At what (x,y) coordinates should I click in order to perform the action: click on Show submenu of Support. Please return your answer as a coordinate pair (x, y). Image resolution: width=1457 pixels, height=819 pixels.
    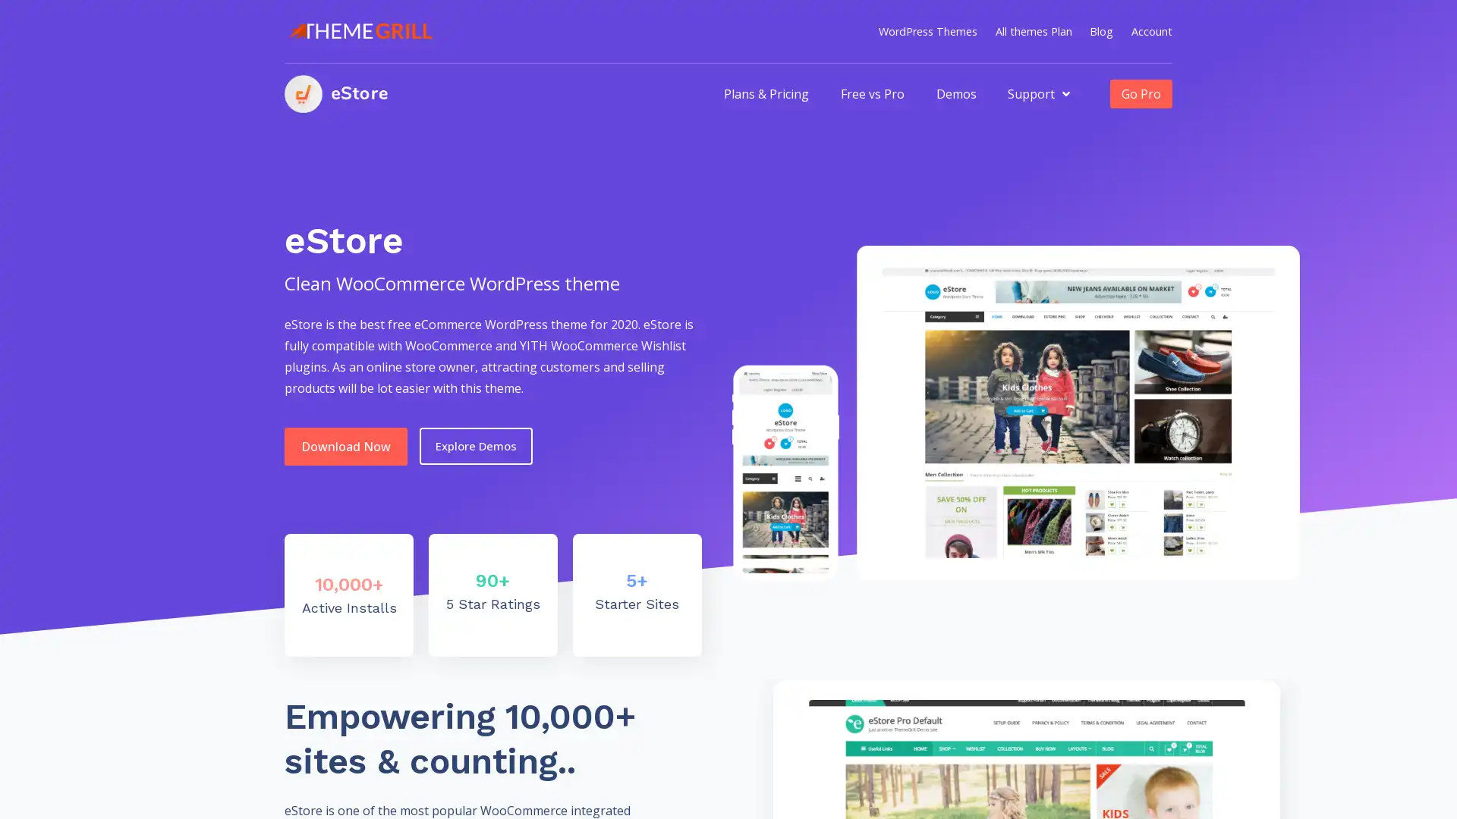
    Looking at the image, I should click on (1065, 93).